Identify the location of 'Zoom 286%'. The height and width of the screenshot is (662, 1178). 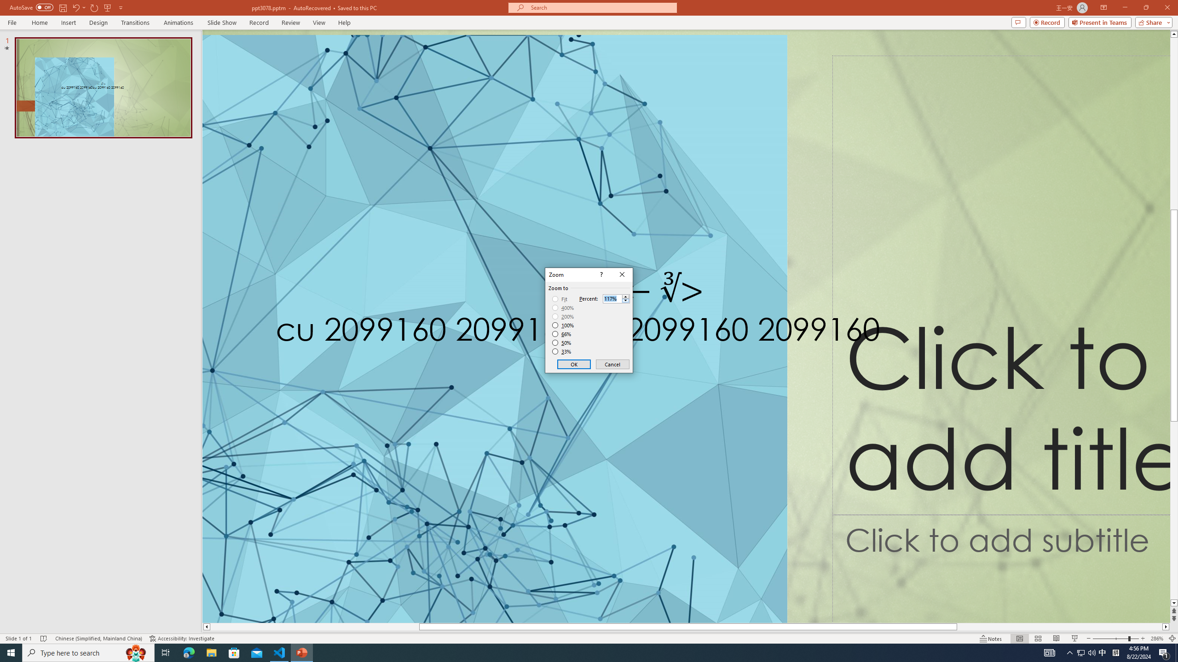
(1157, 639).